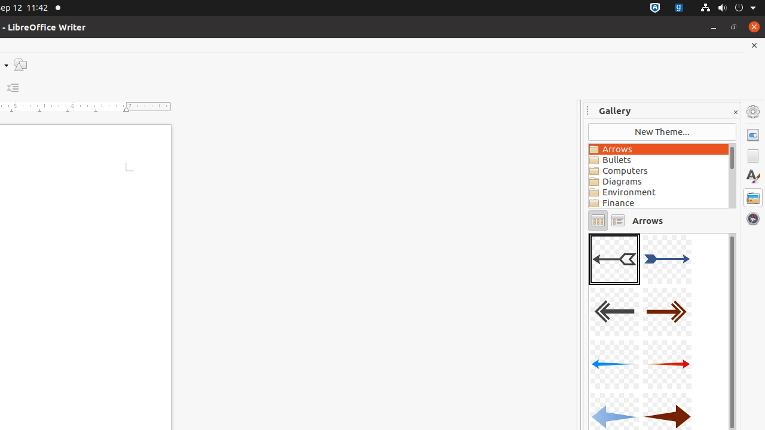 This screenshot has width=765, height=430. What do you see at coordinates (13, 87) in the screenshot?
I see `'Decrease'` at bounding box center [13, 87].